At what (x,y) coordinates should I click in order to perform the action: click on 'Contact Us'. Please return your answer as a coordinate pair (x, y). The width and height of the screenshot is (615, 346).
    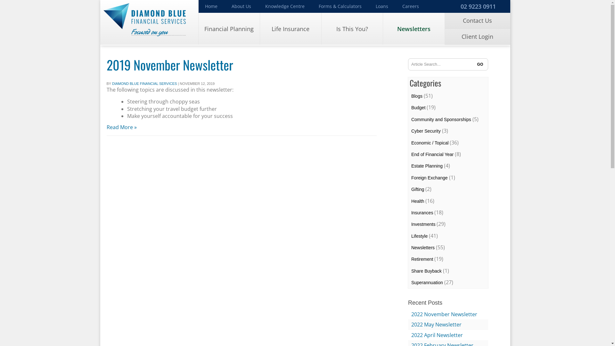
    Looking at the image, I should click on (477, 21).